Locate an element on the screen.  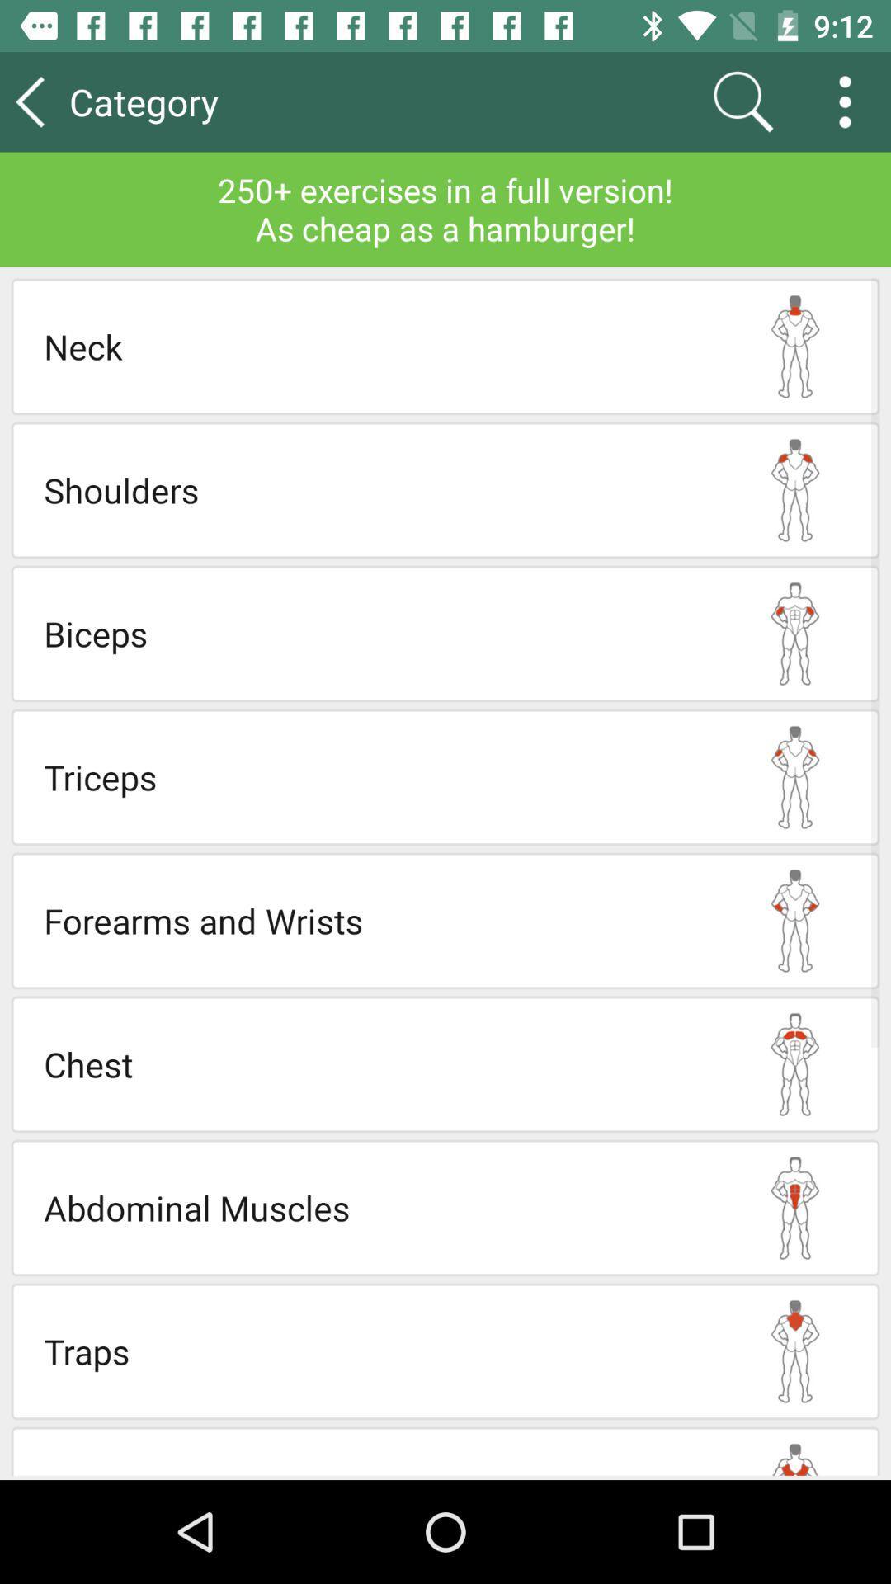
biceps is located at coordinates (377, 633).